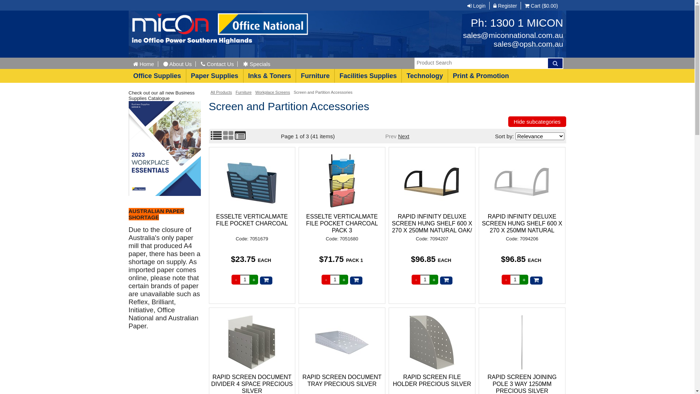 This screenshot has height=394, width=700. I want to click on 'Login', so click(476, 5).